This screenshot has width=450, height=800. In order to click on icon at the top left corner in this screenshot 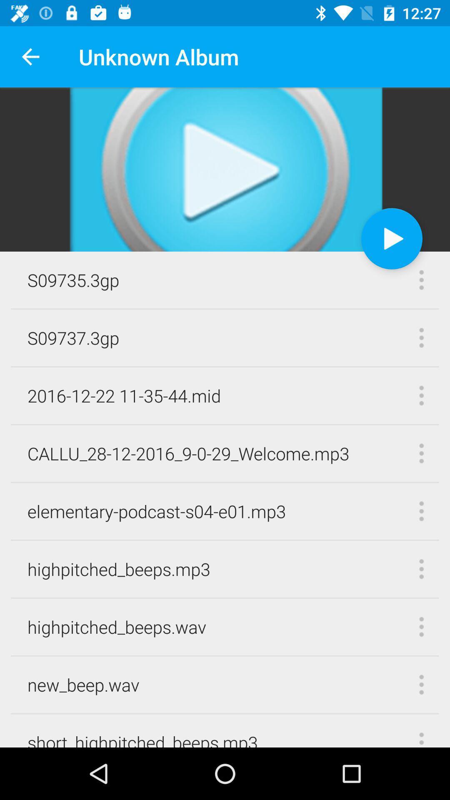, I will do `click(30, 56)`.